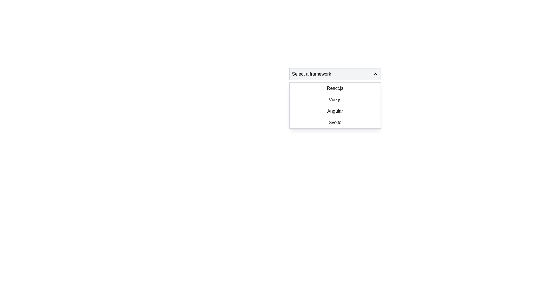 The image size is (549, 308). I want to click on the 'Svelte' option in the dropdown menu, so click(335, 122).